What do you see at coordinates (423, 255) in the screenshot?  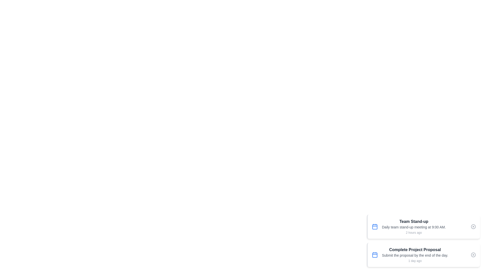 I see `the task with the name Complete Project Proposal` at bounding box center [423, 255].